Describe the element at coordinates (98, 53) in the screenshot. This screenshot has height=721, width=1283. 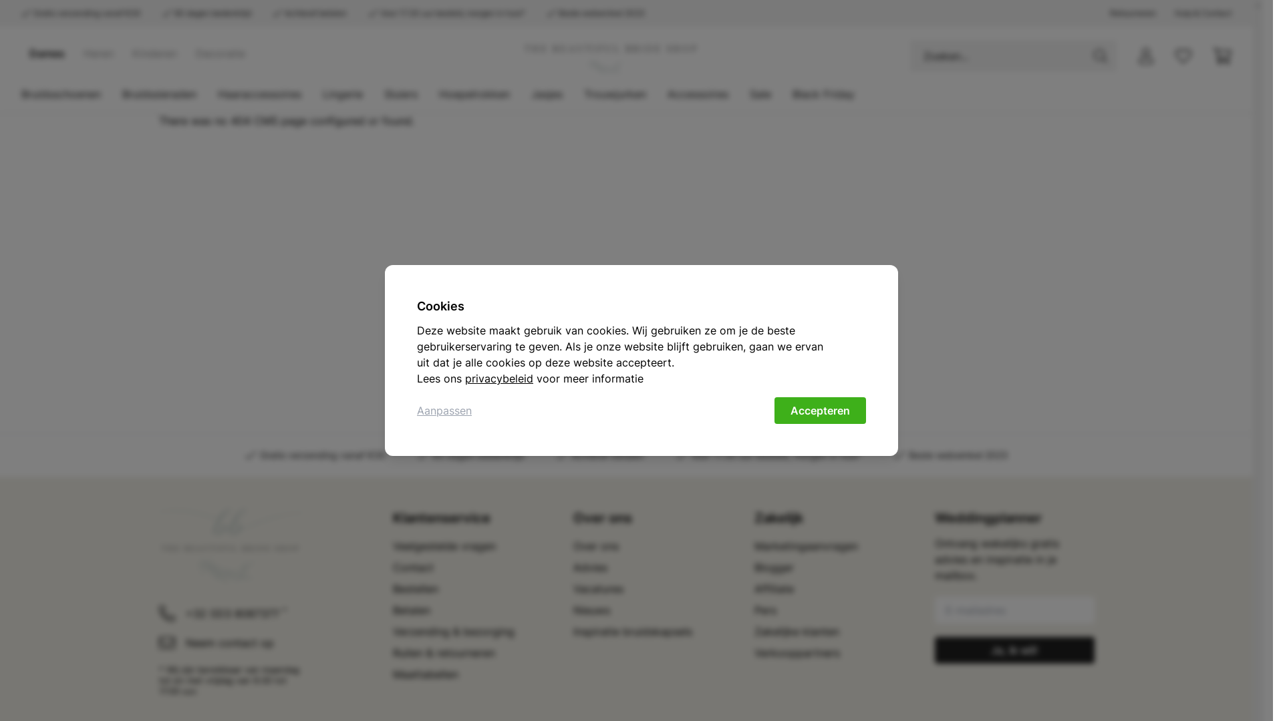
I see `'Heren'` at that location.